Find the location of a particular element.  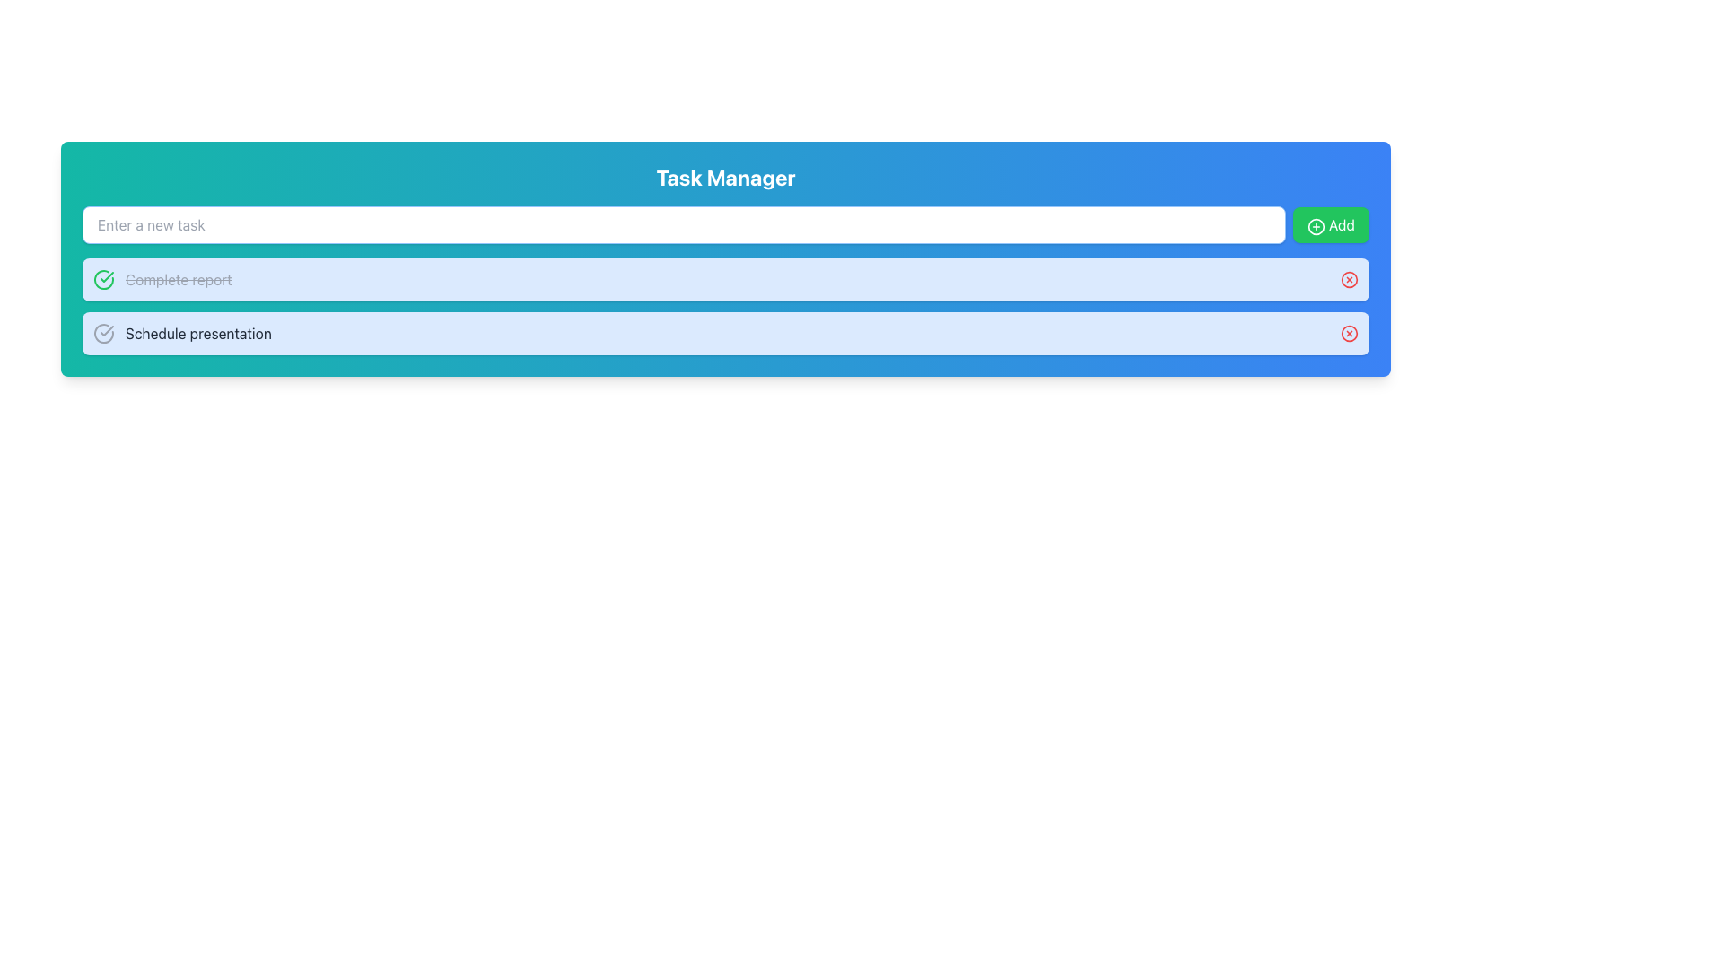

the text label reading 'Complete report' which has a strikethrough style, indicating a completed task, located below the 'Enter a new task' input box is located at coordinates (162, 280).